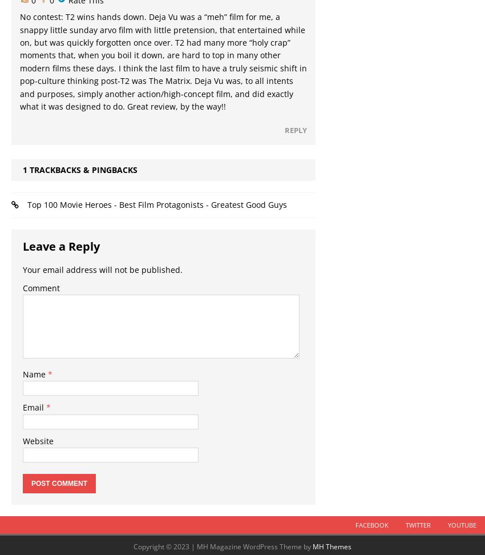  I want to click on 'Reply', so click(295, 130).